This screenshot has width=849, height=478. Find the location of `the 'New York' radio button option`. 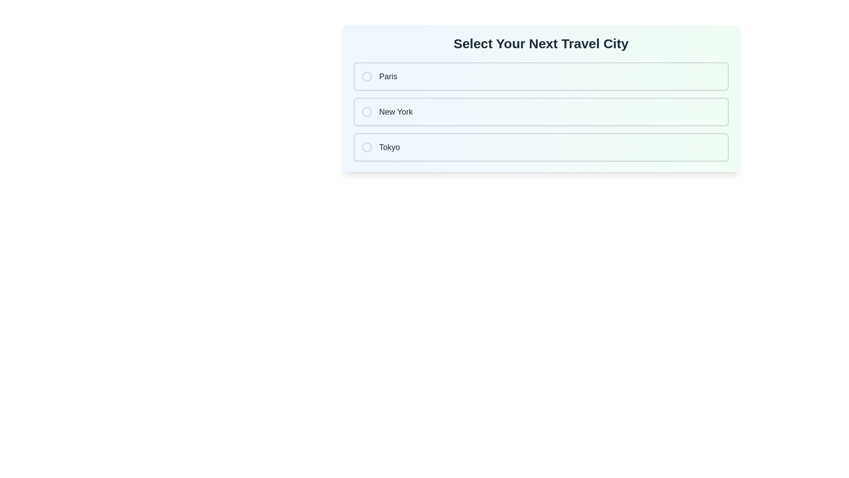

the 'New York' radio button option is located at coordinates (540, 112).